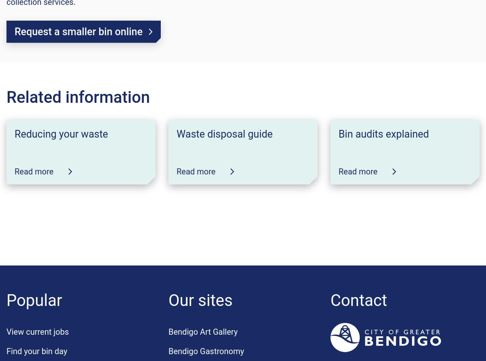 The image size is (486, 361). I want to click on 'Bendigo Gastronomy', so click(206, 350).